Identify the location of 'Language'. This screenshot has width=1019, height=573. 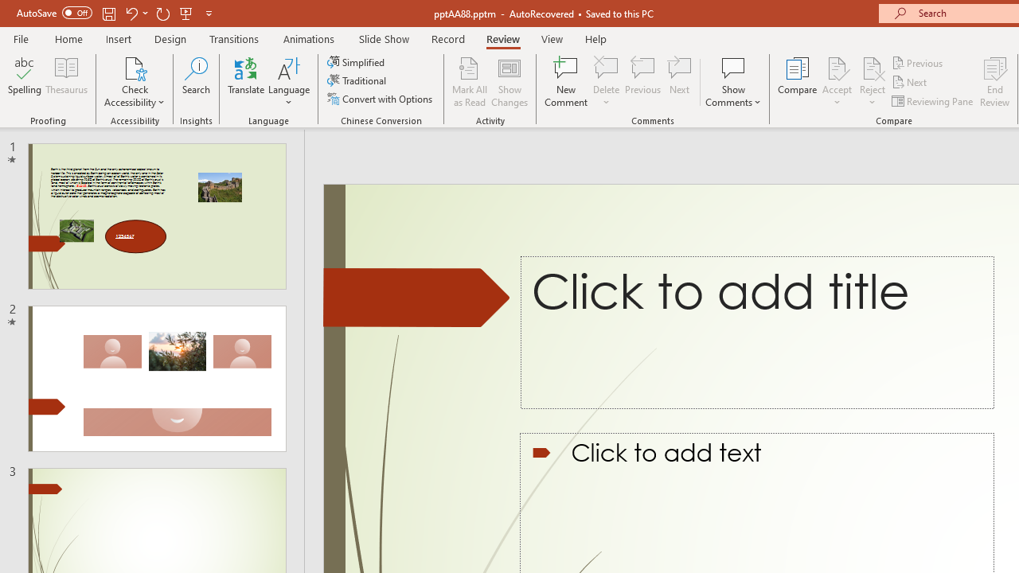
(289, 82).